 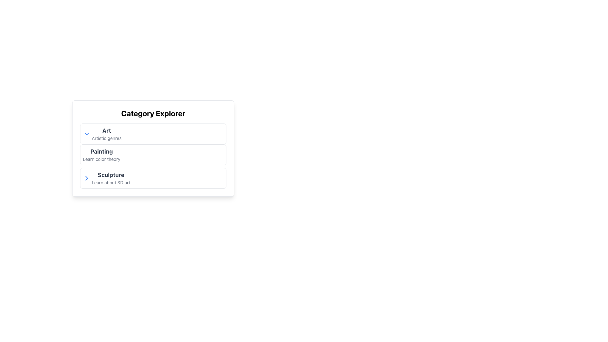 What do you see at coordinates (153, 155) in the screenshot?
I see `the first clickable list item under the 'Art' section to explore content related to 'Painting', focusing on learning about color theory` at bounding box center [153, 155].